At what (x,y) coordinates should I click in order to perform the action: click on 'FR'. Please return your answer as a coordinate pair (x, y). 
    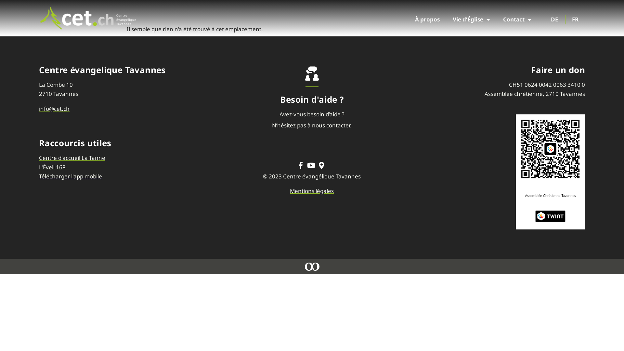
    Looking at the image, I should click on (575, 19).